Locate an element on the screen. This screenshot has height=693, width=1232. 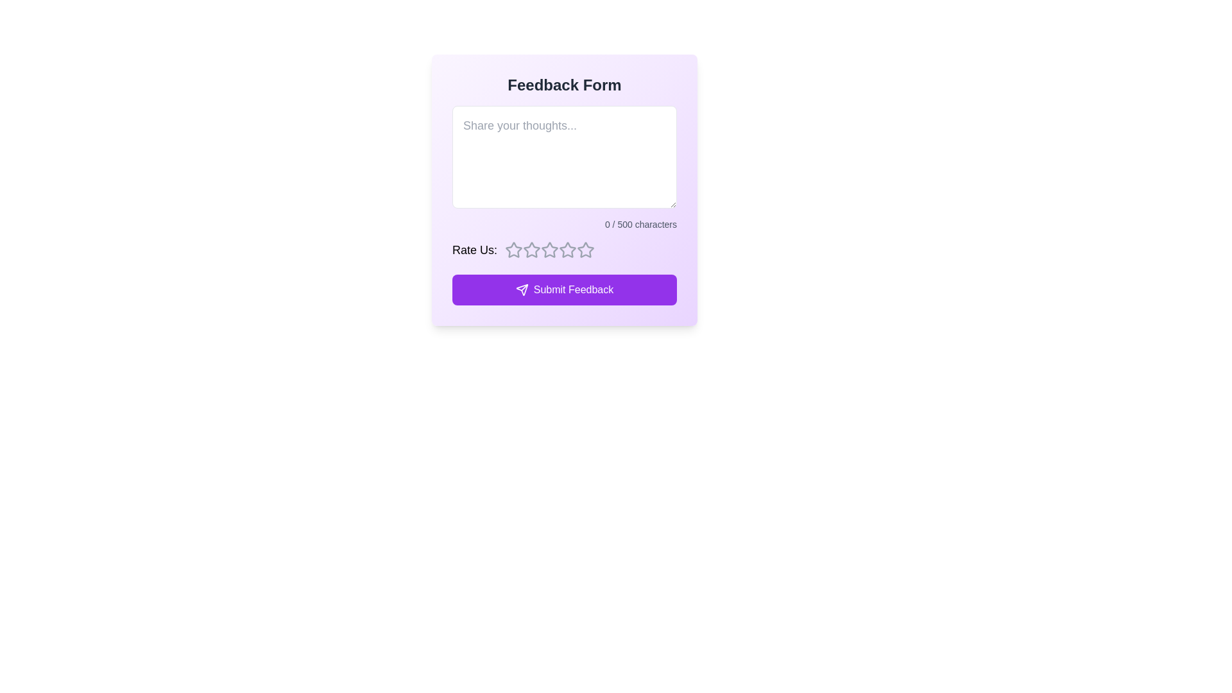
the fifth star in the rating system is located at coordinates (585, 250).